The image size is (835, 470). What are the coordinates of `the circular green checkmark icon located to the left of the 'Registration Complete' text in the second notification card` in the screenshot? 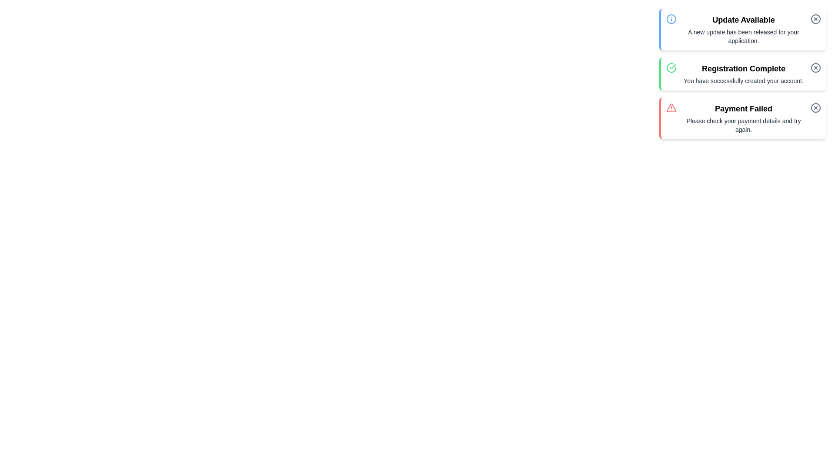 It's located at (671, 67).